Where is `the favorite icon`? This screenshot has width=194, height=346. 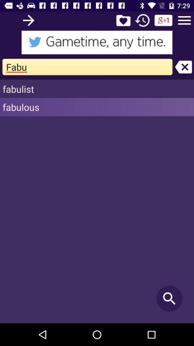 the favorite icon is located at coordinates (123, 20).